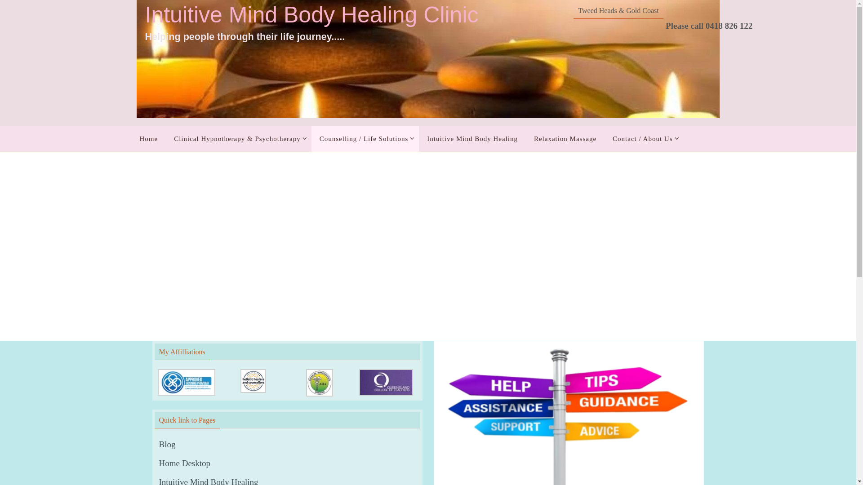 This screenshot has width=863, height=485. I want to click on 'Blog', so click(167, 445).